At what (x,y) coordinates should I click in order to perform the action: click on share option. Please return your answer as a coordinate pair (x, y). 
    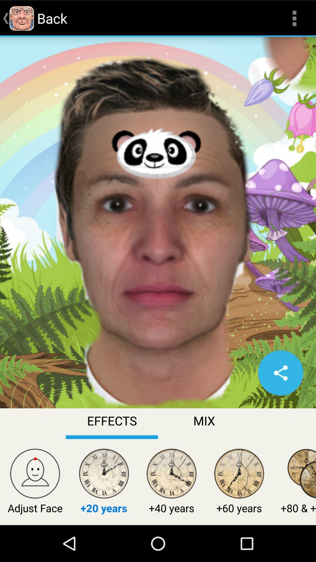
    Looking at the image, I should click on (280, 373).